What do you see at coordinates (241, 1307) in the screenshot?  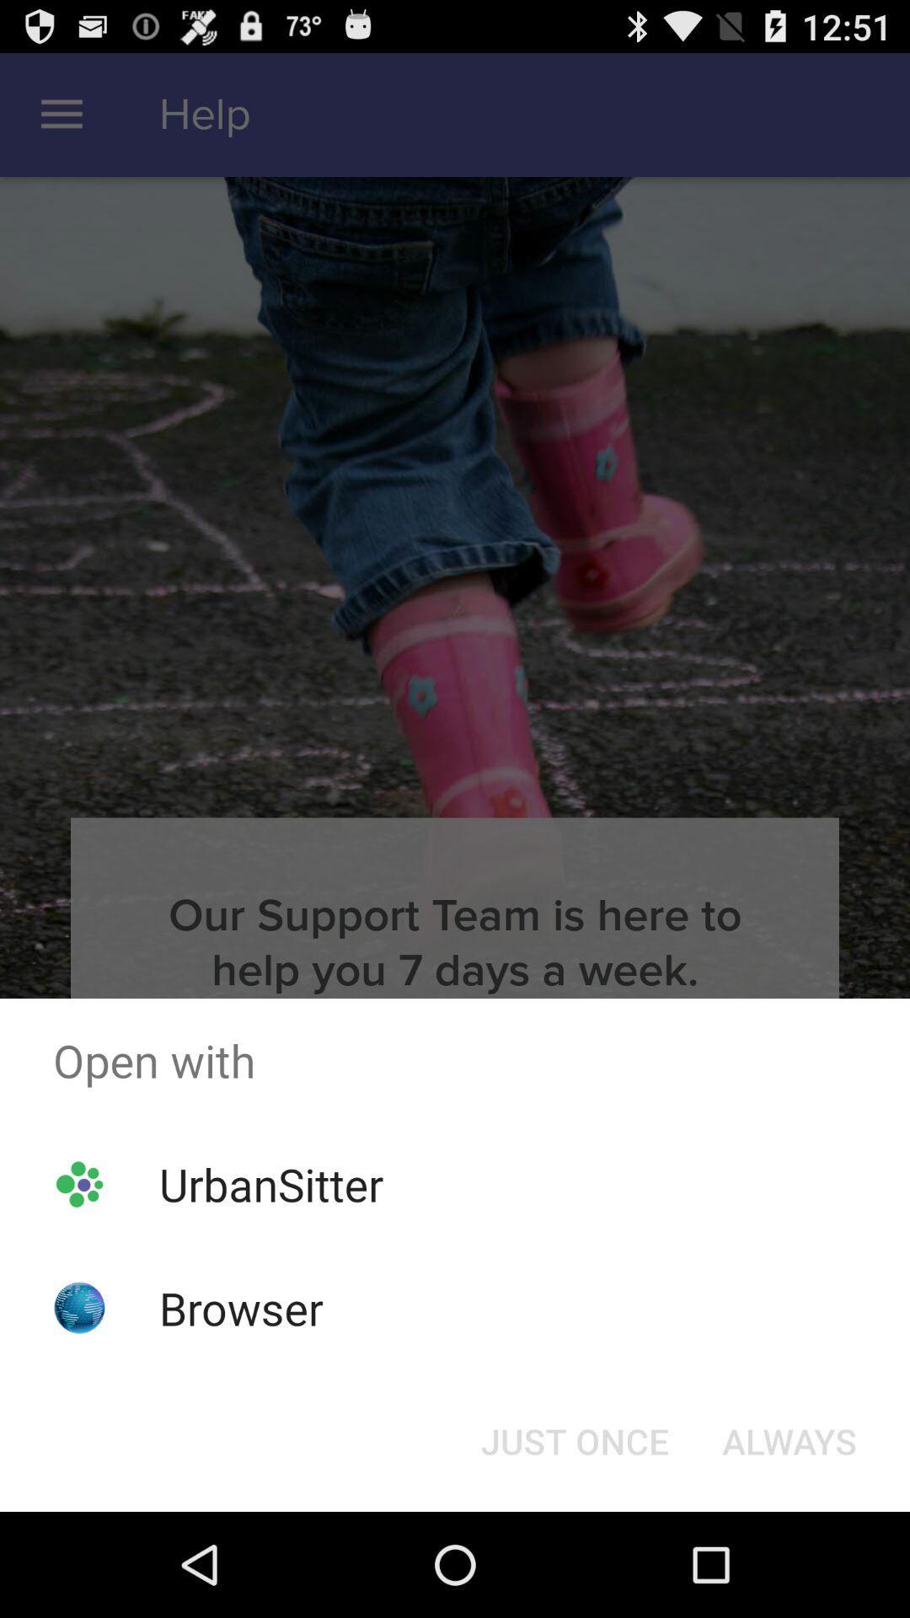 I see `app below urbansitter icon` at bounding box center [241, 1307].